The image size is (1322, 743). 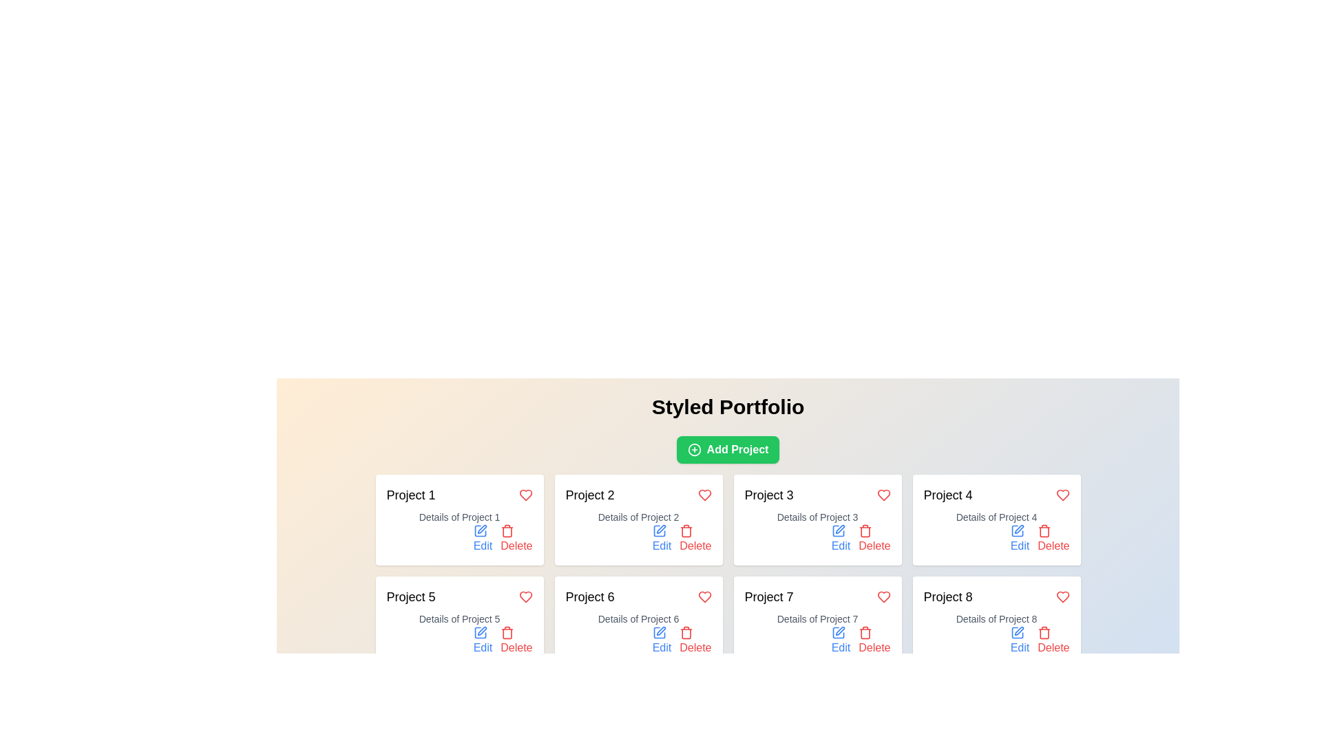 What do you see at coordinates (840, 641) in the screenshot?
I see `the 'Edit' button located in the right corner of the card for 'Project 7' in the second row of the projects grid` at bounding box center [840, 641].